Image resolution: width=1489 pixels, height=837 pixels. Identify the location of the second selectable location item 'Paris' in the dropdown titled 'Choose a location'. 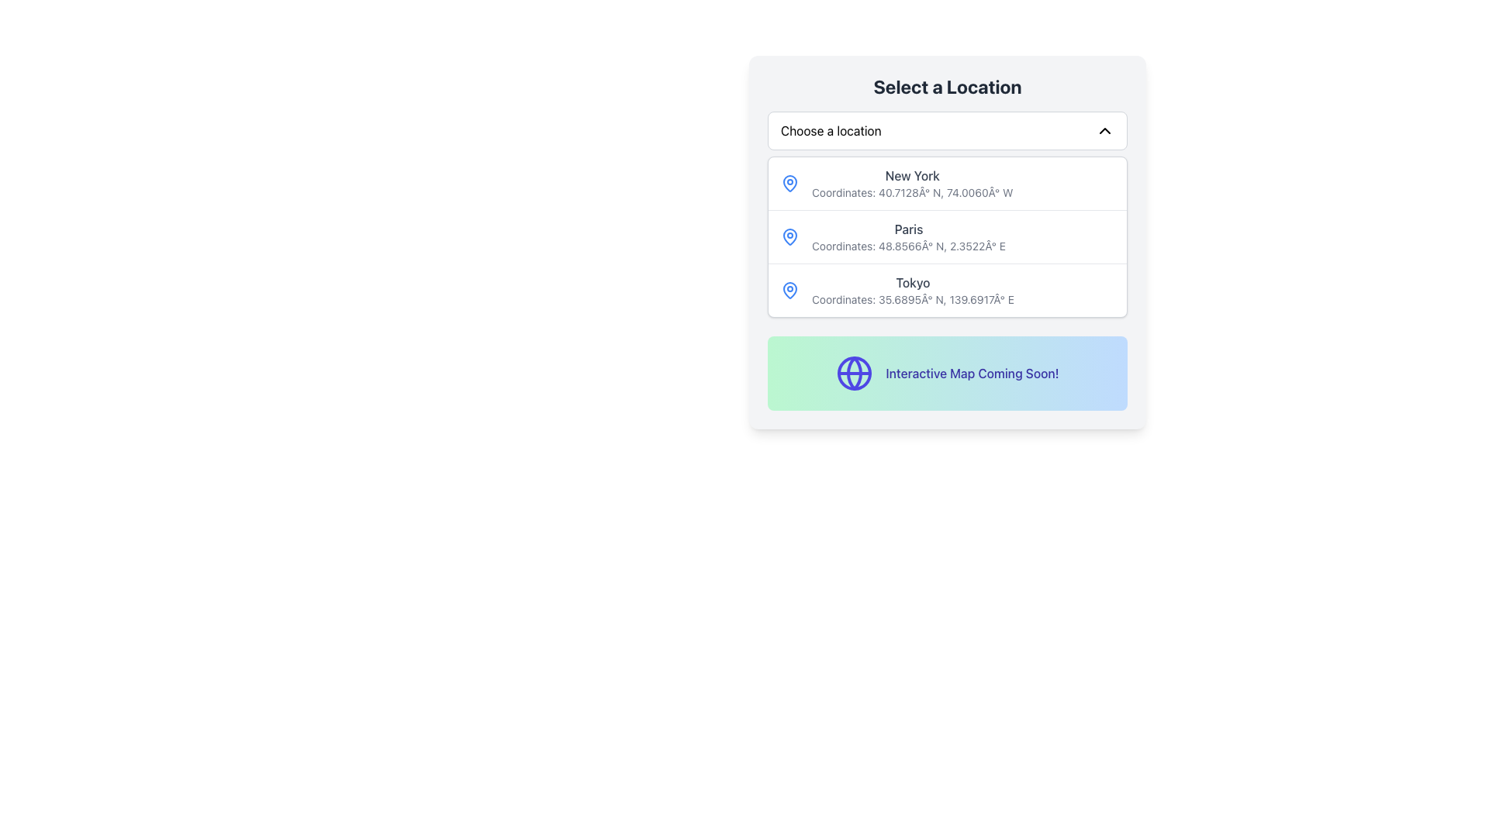
(947, 242).